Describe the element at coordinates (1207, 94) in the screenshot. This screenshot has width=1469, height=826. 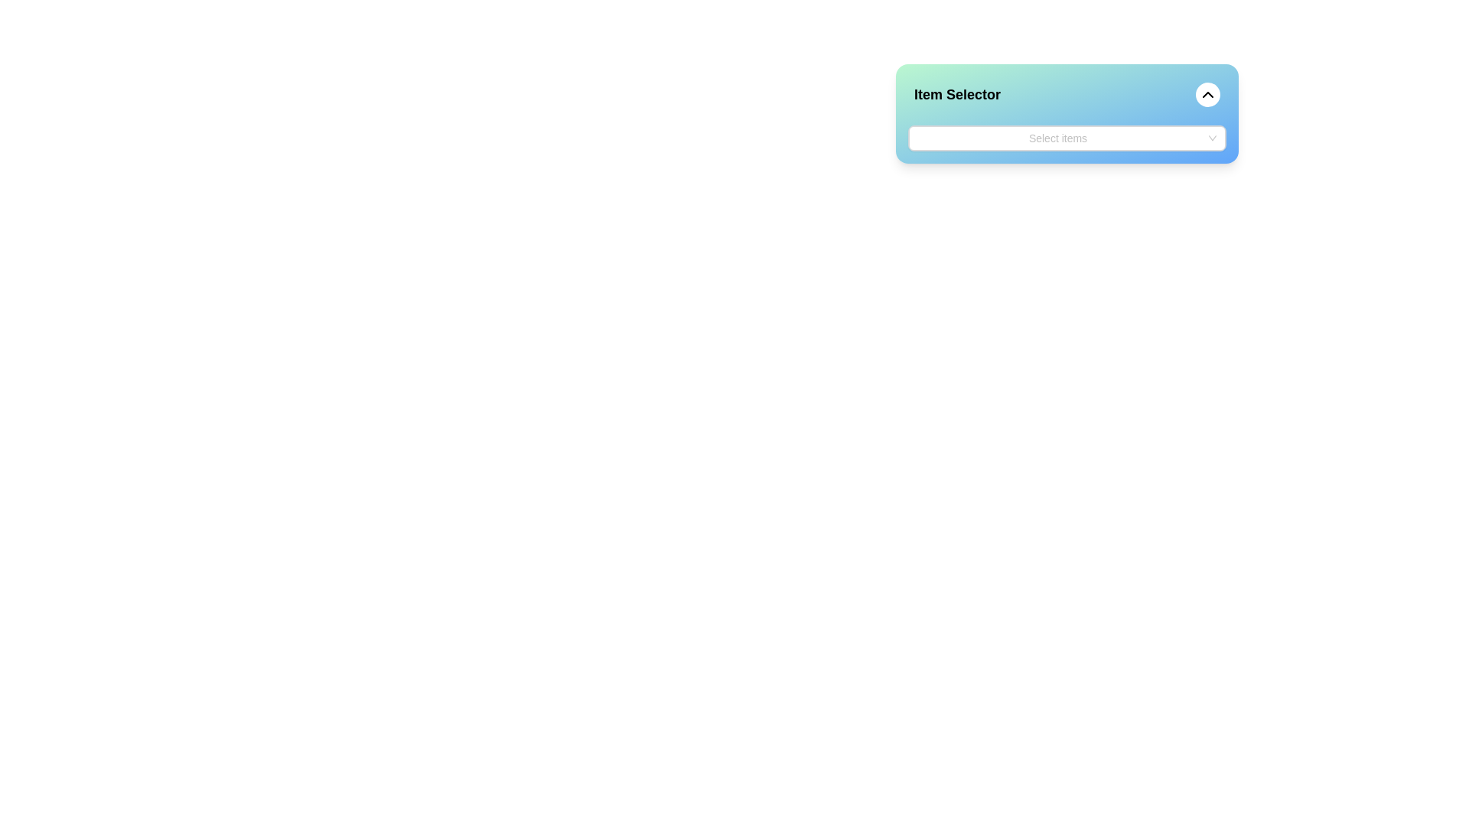
I see `the SVG chevron arrow upward icon located at the top-right corner of the interface, inside a rounded white button` at that location.